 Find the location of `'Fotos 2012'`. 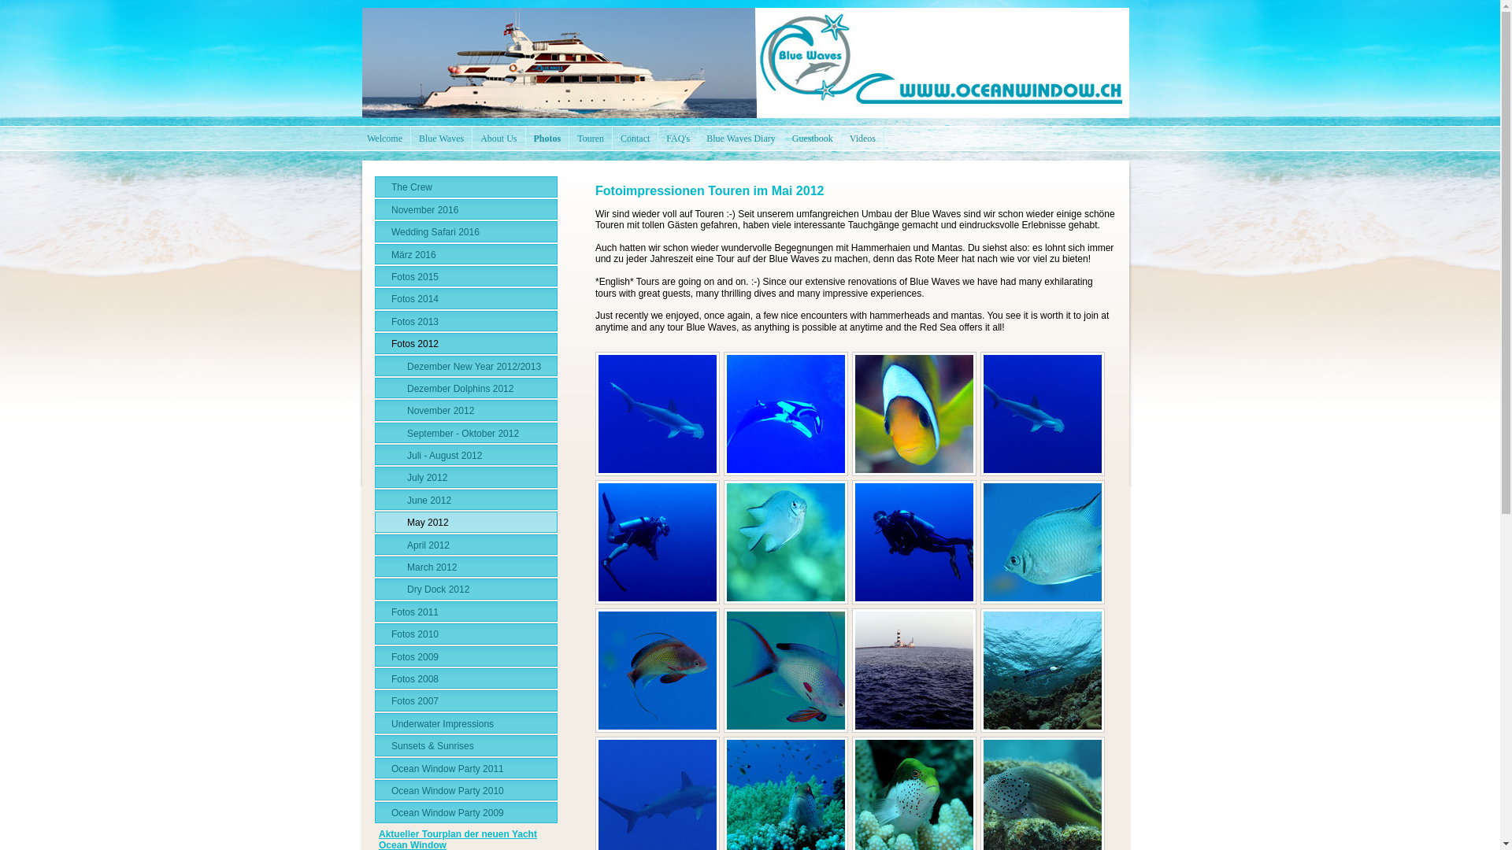

'Fotos 2012' is located at coordinates (373, 342).